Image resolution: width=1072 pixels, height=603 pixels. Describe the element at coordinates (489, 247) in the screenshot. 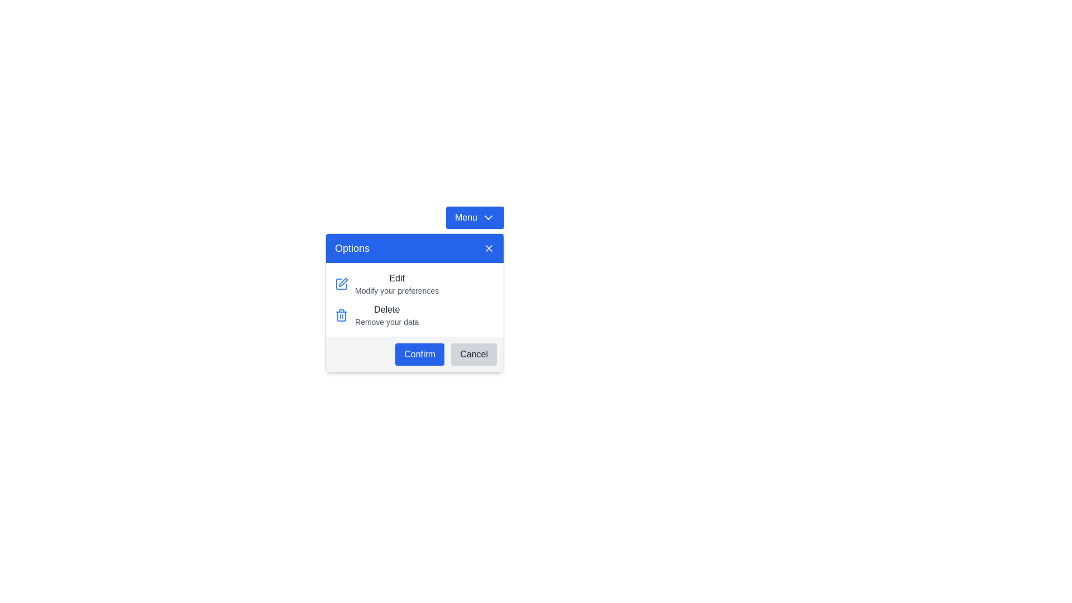

I see `the close icon represented by an 'X' symbol in white on a blue background, located in the top-right corner of the blue header bar labeled 'Options'` at that location.